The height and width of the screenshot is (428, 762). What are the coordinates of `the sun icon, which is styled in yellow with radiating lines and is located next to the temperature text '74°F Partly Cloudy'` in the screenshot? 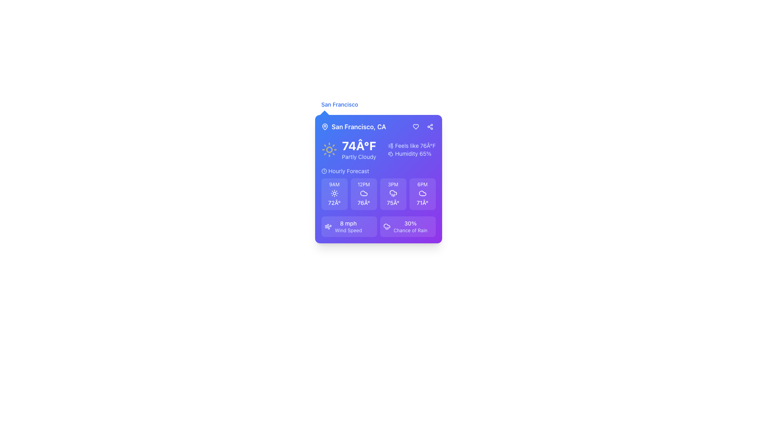 It's located at (329, 150).